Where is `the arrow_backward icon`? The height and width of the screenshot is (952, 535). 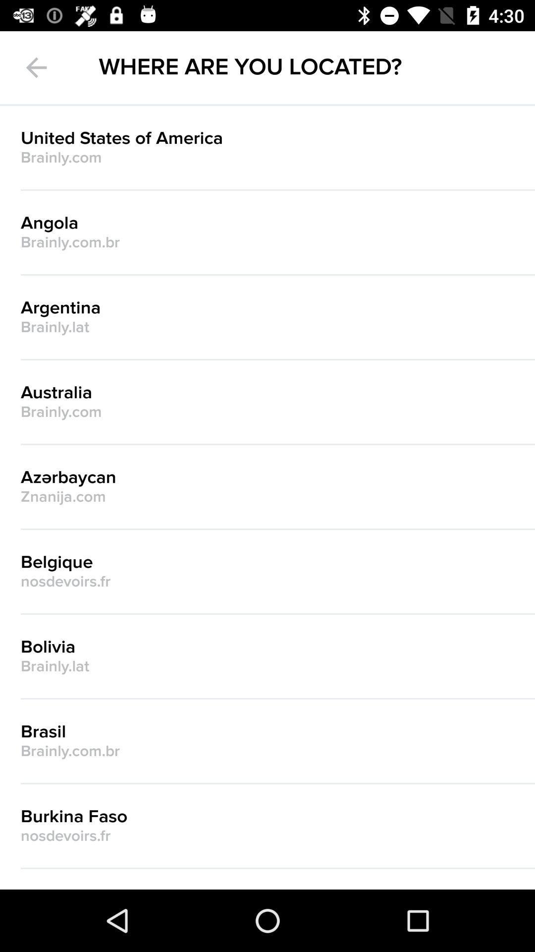 the arrow_backward icon is located at coordinates (36, 67).